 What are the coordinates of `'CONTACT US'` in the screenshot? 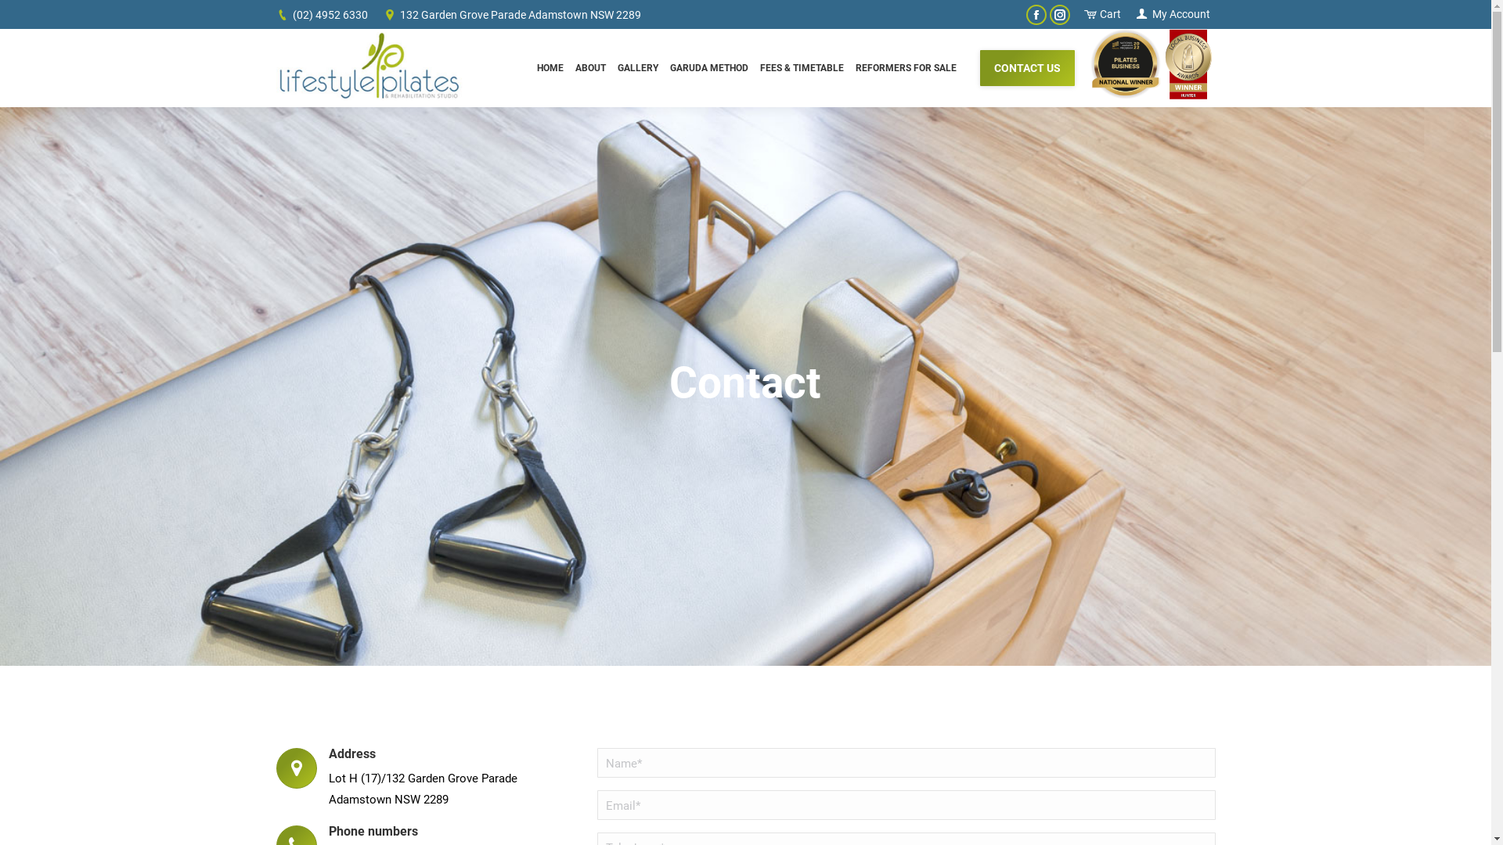 It's located at (1027, 67).